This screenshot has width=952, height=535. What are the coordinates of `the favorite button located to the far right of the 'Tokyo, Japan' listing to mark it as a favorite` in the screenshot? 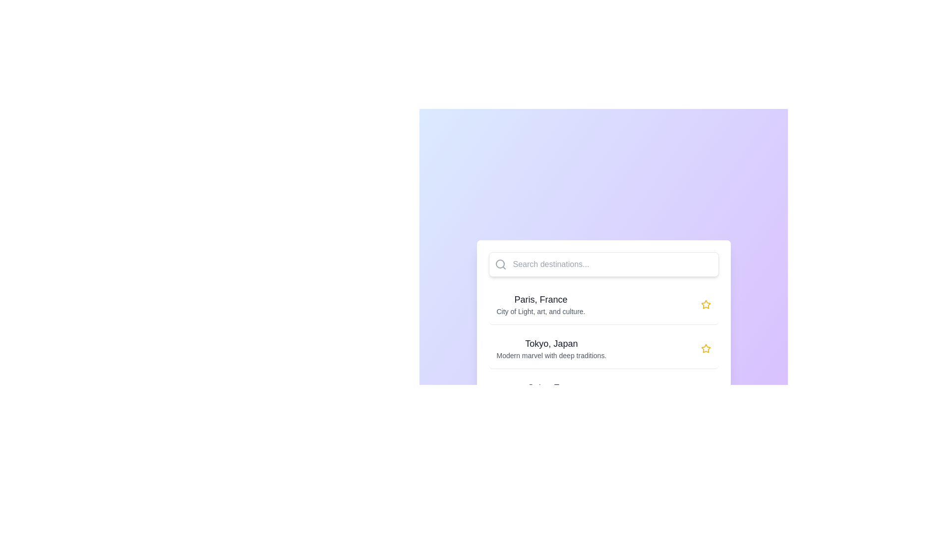 It's located at (705, 348).